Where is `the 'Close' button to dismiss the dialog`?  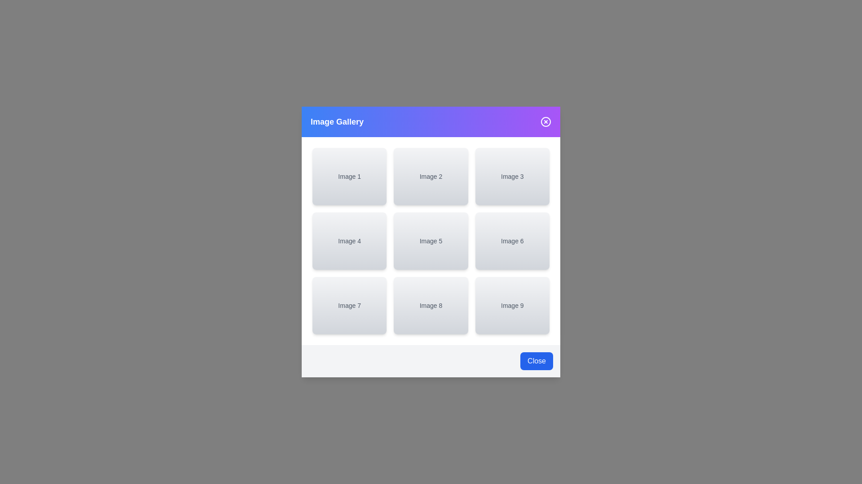 the 'Close' button to dismiss the dialog is located at coordinates (537, 361).